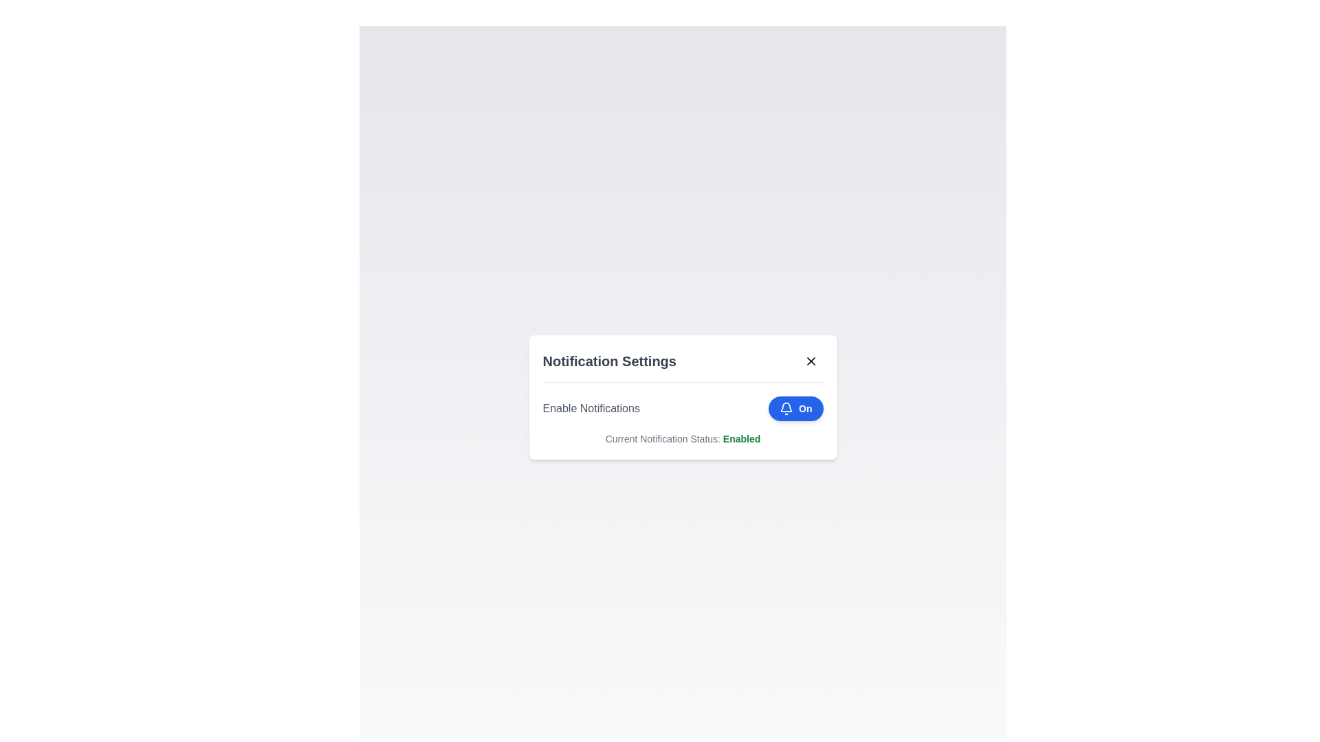 The height and width of the screenshot is (742, 1320). Describe the element at coordinates (811, 360) in the screenshot. I see `the close button in the top-right corner of the 'Notification Settings' dialog` at that location.